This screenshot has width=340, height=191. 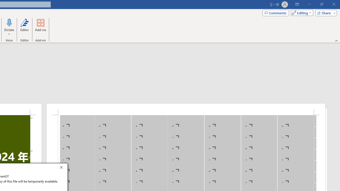 What do you see at coordinates (336, 40) in the screenshot?
I see `'Collapse the Ribbon'` at bounding box center [336, 40].